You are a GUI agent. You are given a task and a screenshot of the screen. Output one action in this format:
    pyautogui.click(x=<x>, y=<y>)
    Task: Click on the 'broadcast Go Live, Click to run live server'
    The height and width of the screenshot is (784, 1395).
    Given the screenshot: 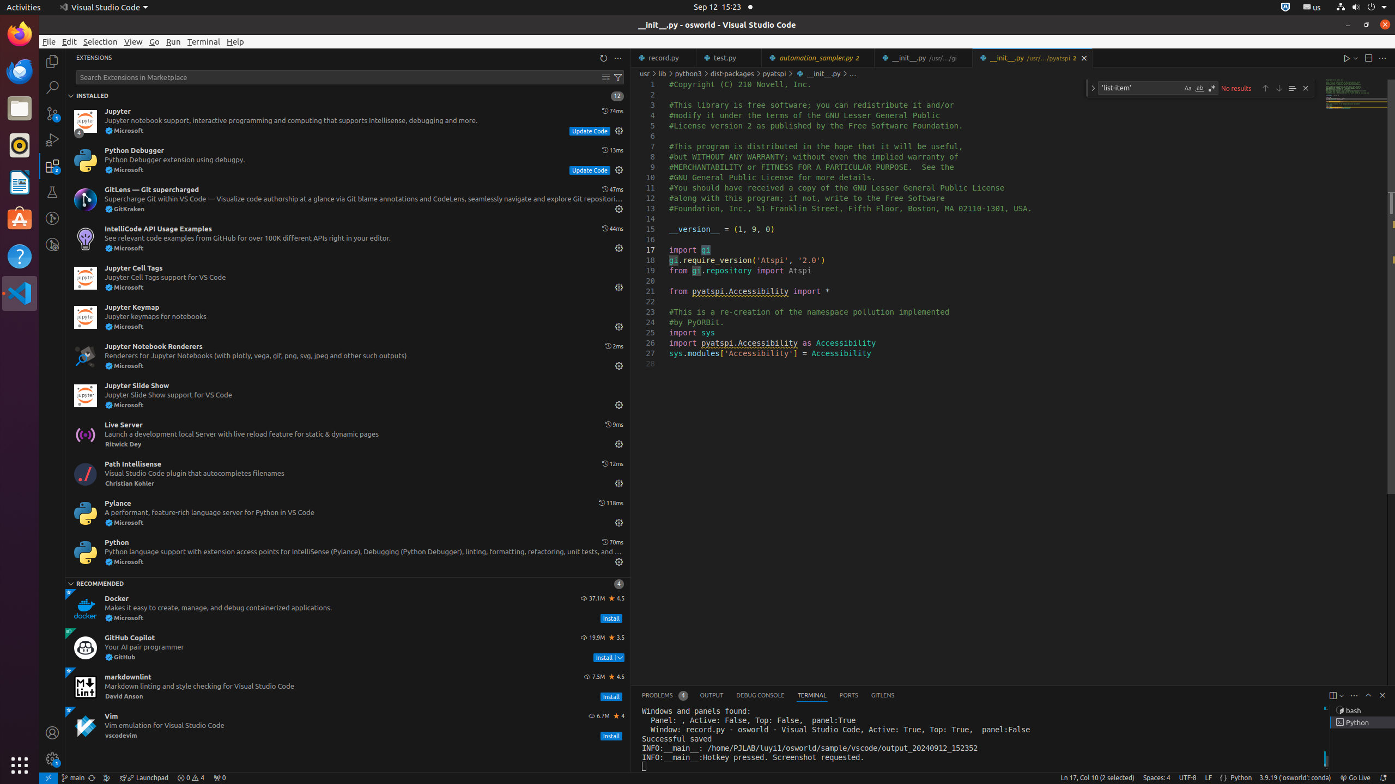 What is the action you would take?
    pyautogui.click(x=1355, y=777)
    